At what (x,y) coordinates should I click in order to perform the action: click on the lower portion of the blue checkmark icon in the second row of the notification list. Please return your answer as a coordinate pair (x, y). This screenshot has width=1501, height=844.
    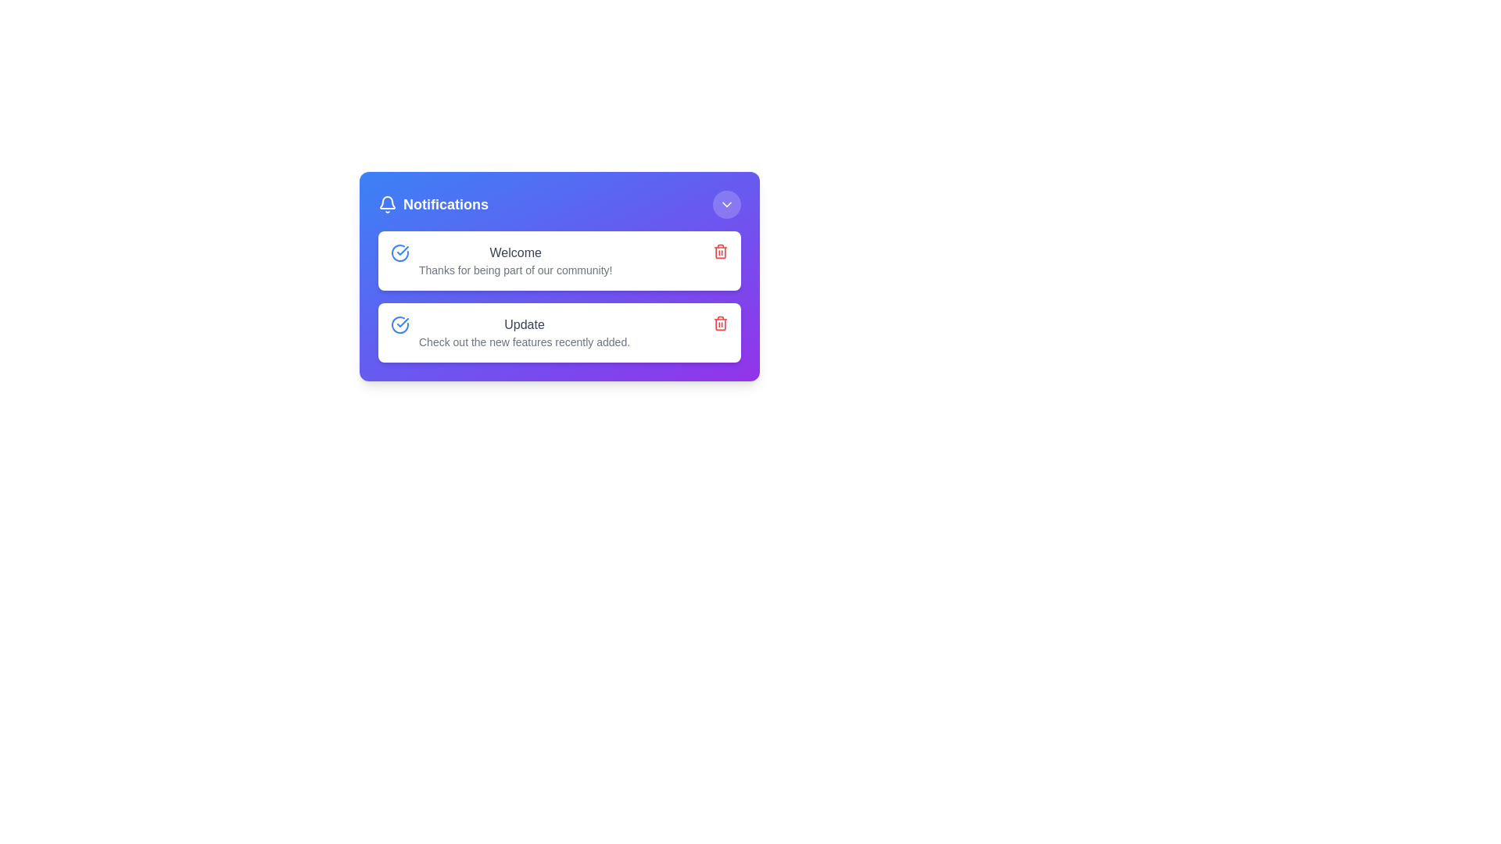
    Looking at the image, I should click on (403, 249).